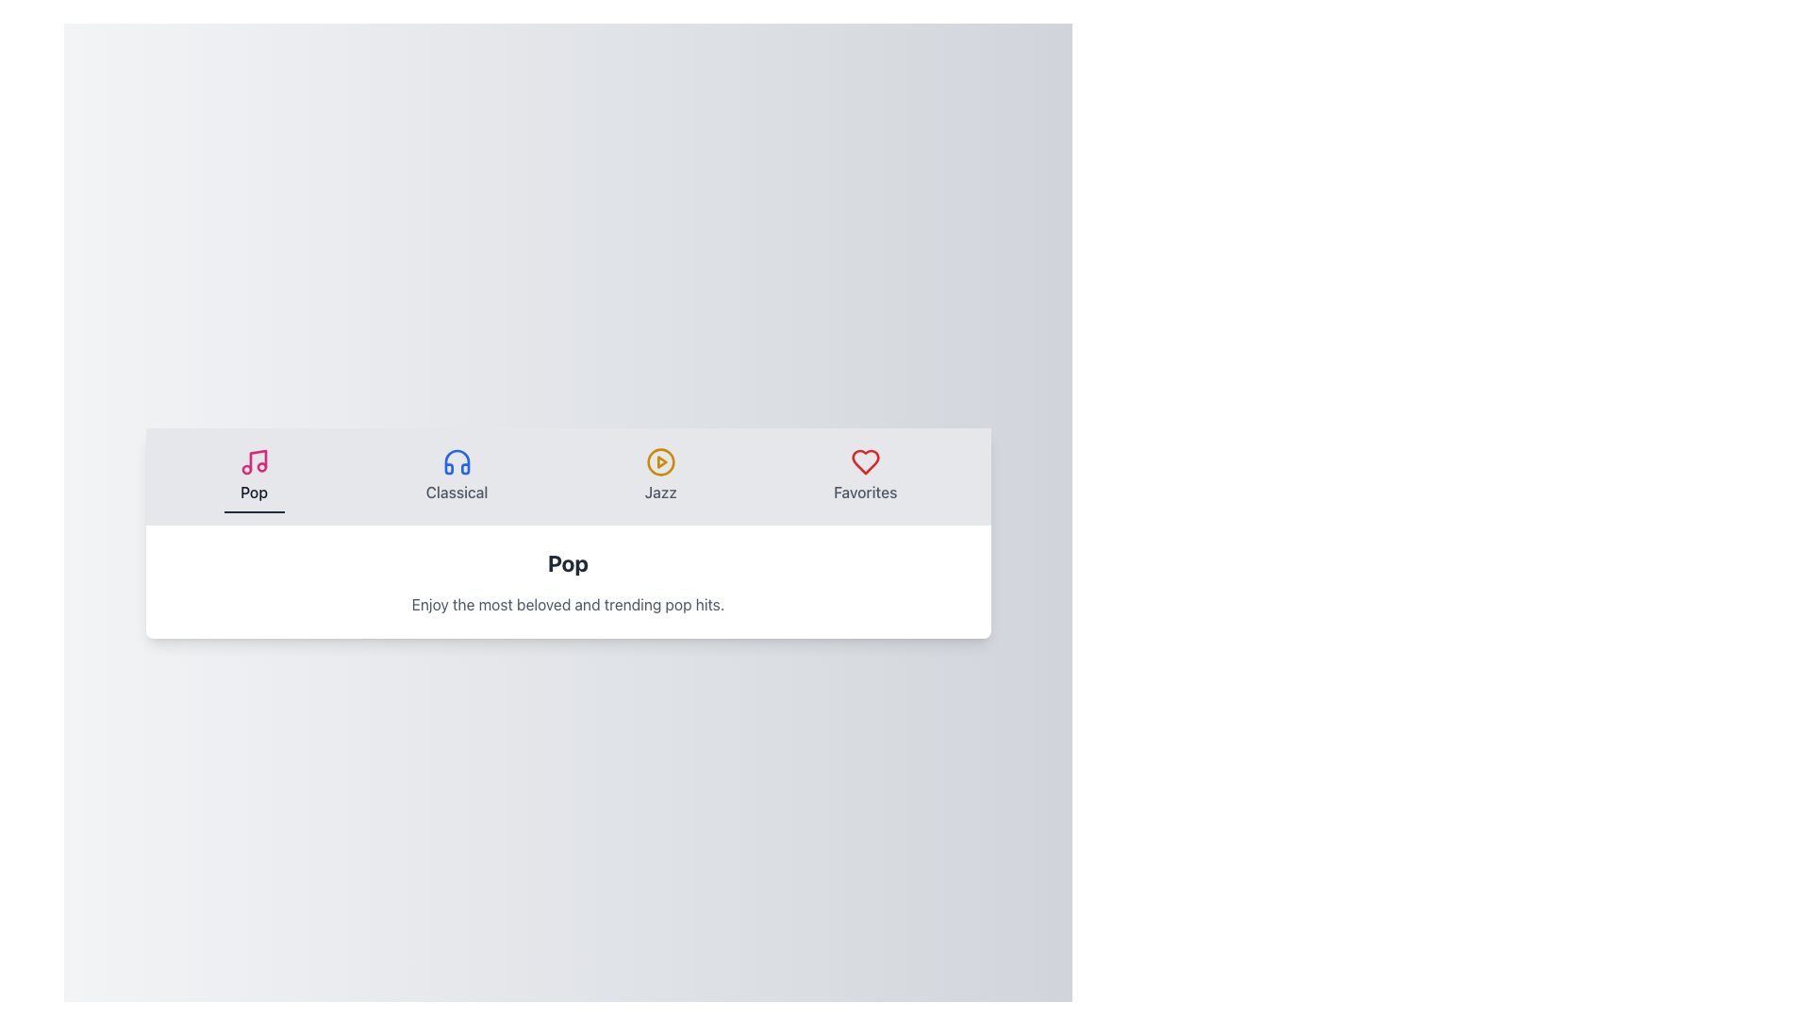 The width and height of the screenshot is (1811, 1019). Describe the element at coordinates (567, 580) in the screenshot. I see `the informational text display located at the bottom of the white card, which provides details about the 'Pop' category` at that location.